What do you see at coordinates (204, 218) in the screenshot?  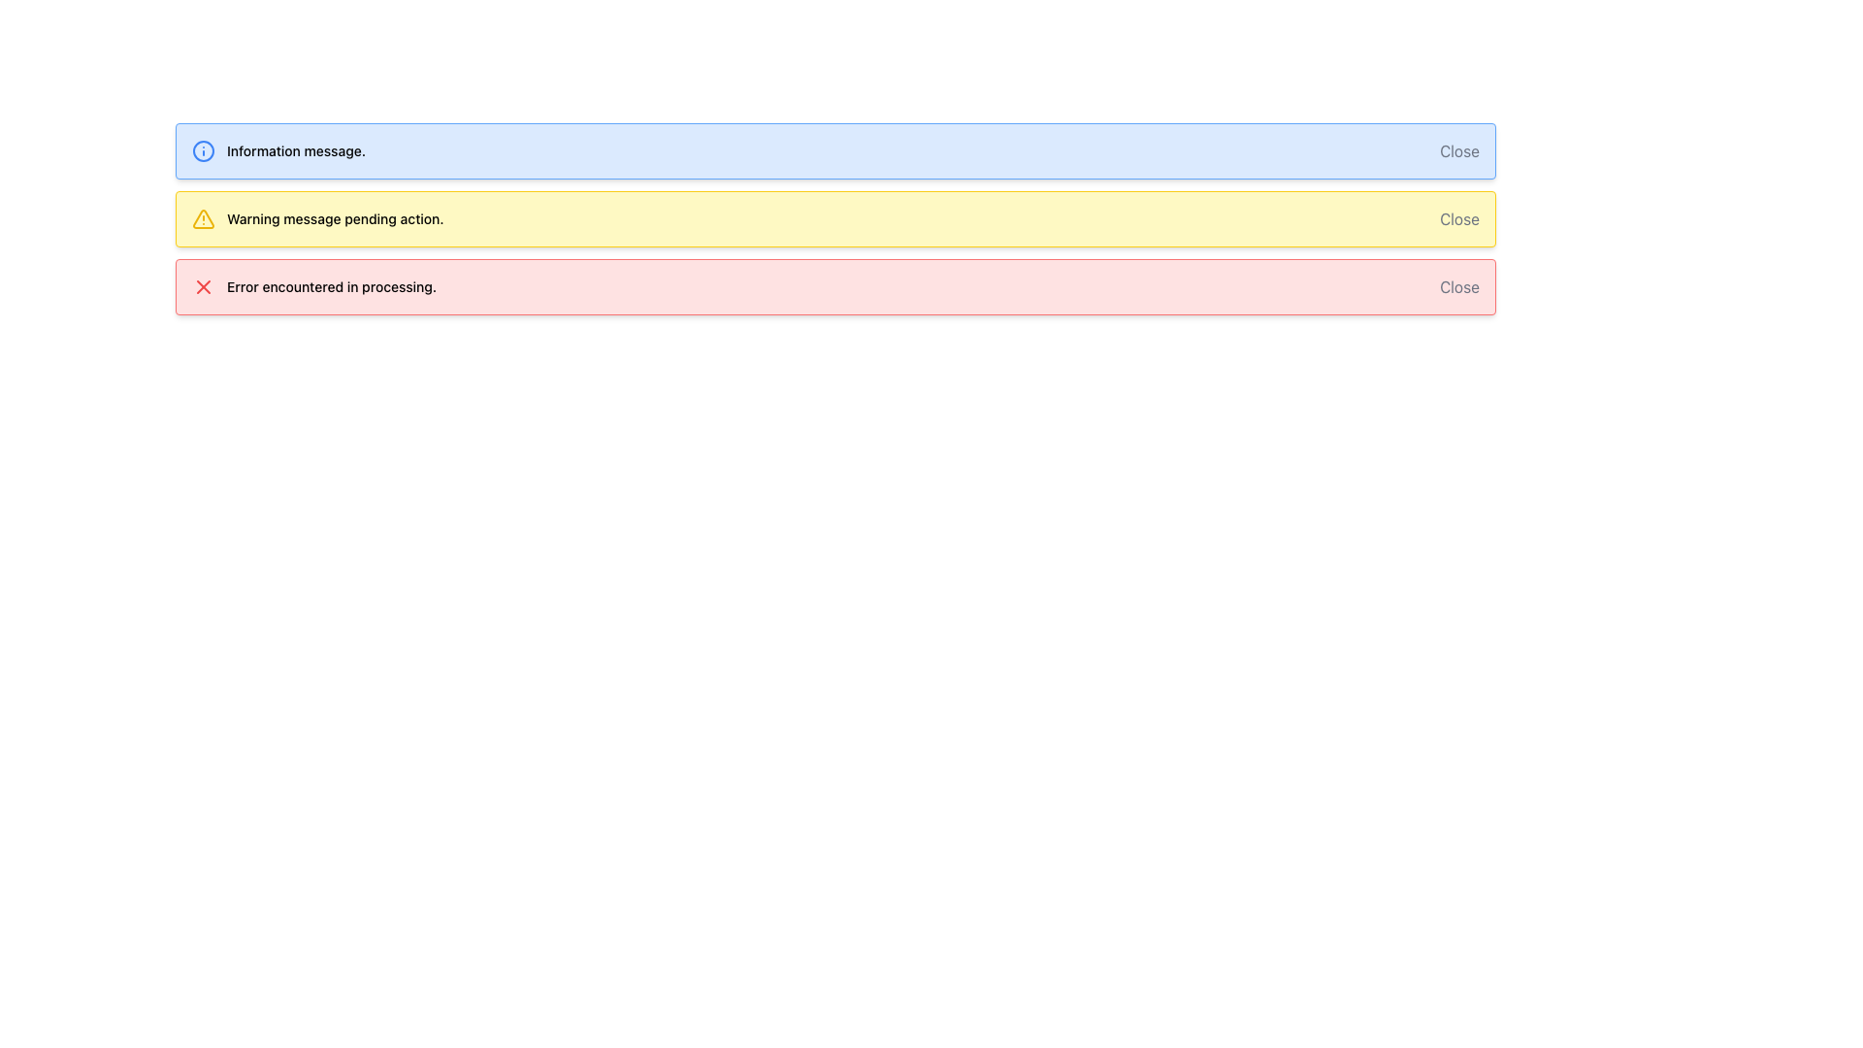 I see `the yellow triangular warning icon with an exclamation mark, located in the second notification bar that reads 'Warning message pending action.'` at bounding box center [204, 218].